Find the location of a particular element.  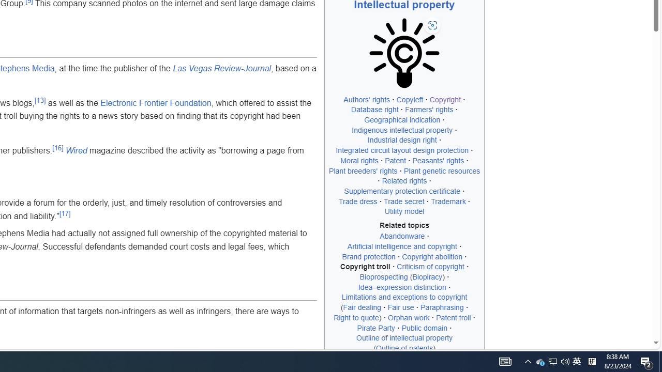

'Database right' is located at coordinates (374, 110).